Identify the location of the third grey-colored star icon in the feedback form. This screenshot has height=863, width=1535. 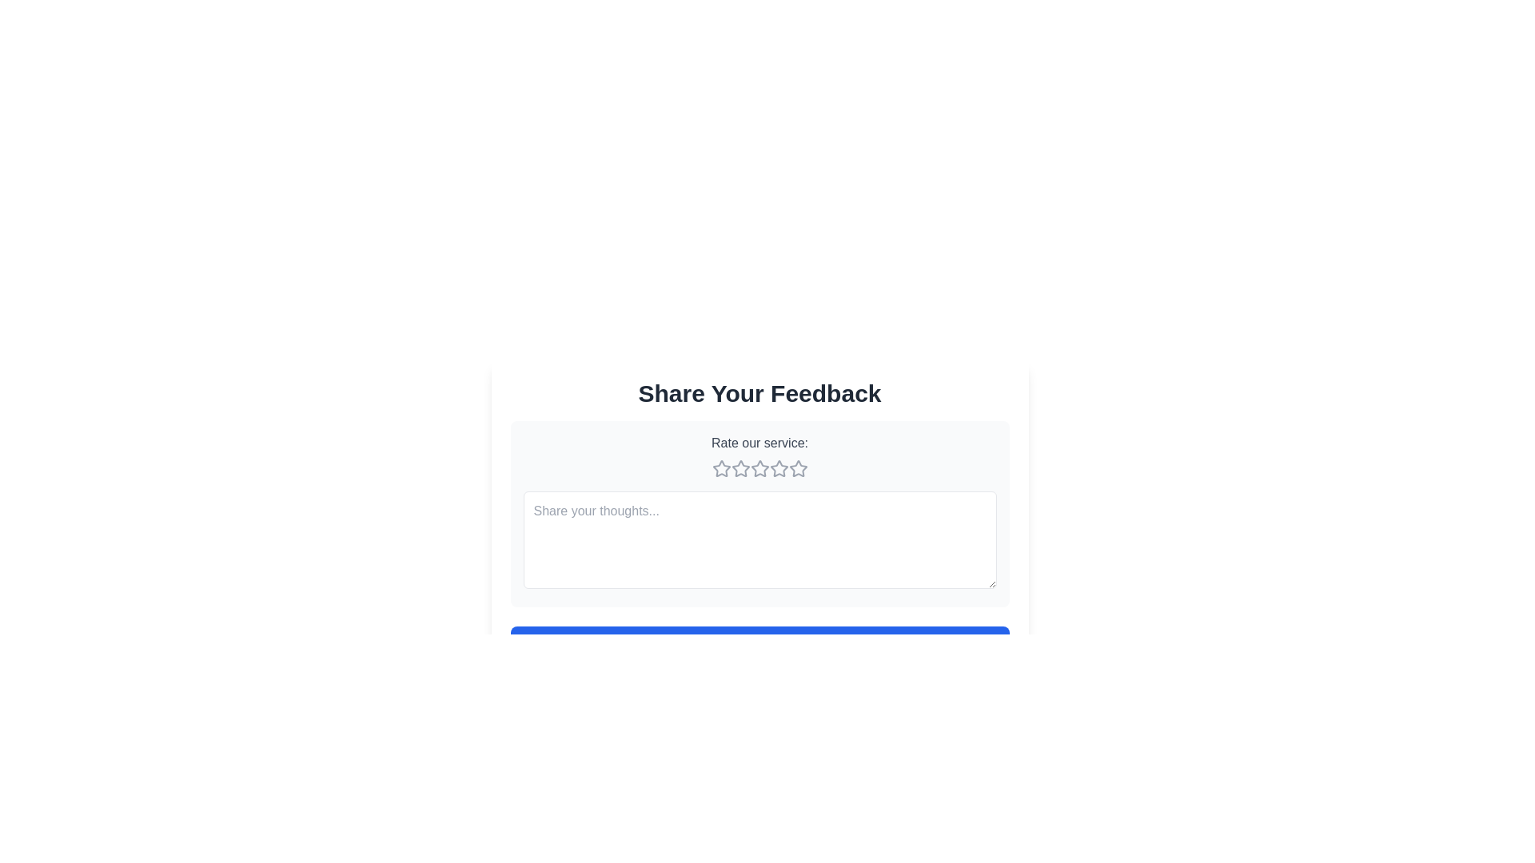
(740, 467).